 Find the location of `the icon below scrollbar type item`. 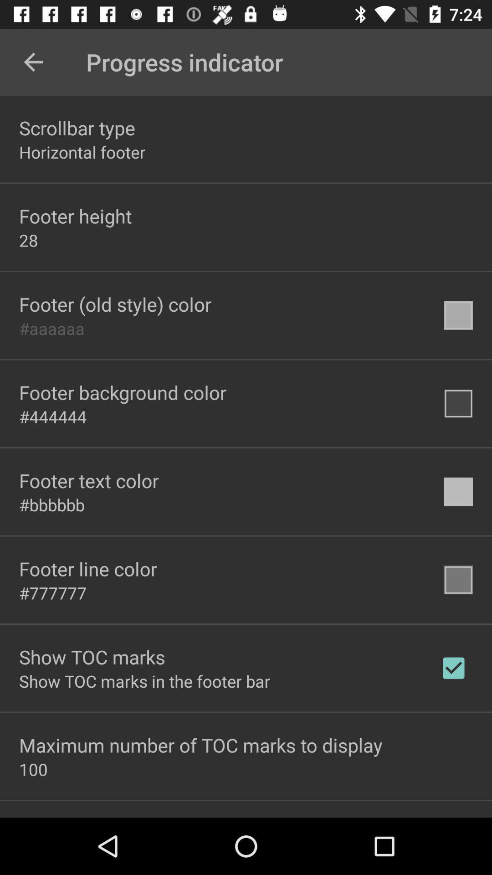

the icon below scrollbar type item is located at coordinates (82, 152).